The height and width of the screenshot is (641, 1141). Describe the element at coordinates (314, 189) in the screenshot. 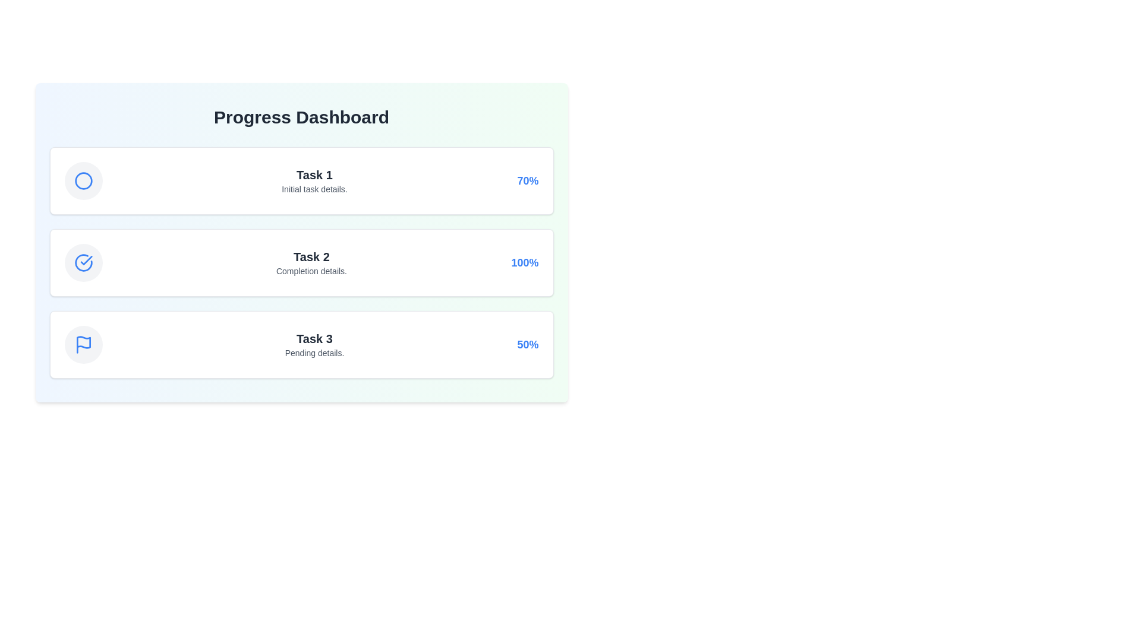

I see `supplementary text label providing information about 'Task 1', located directly beneath the title text within the task section` at that location.